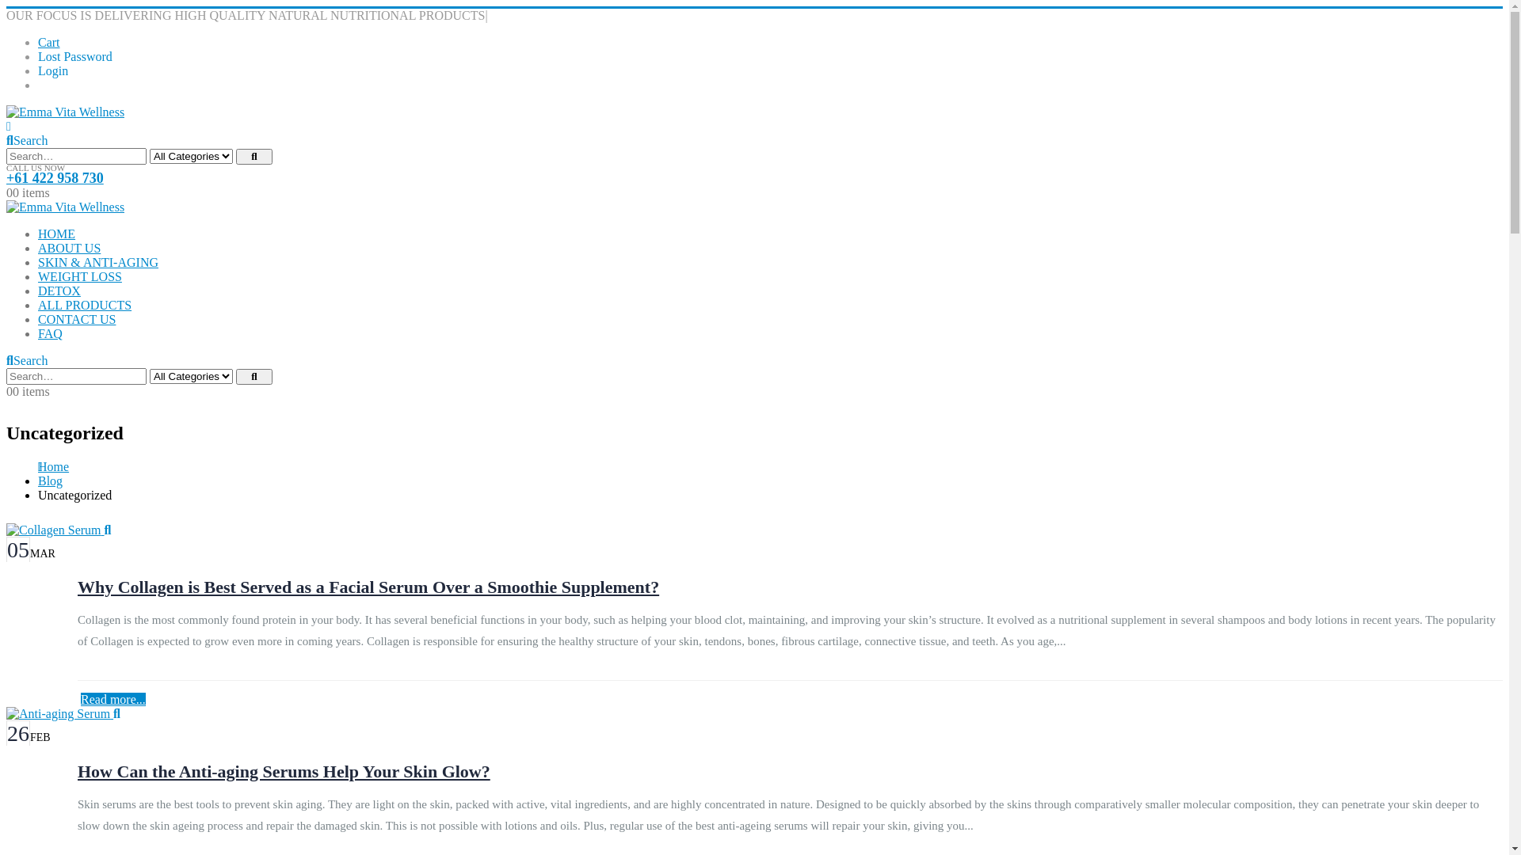 This screenshot has height=855, width=1521. What do you see at coordinates (76, 770) in the screenshot?
I see `'How Can the Anti-aging Serums Help Your Skin Glow?'` at bounding box center [76, 770].